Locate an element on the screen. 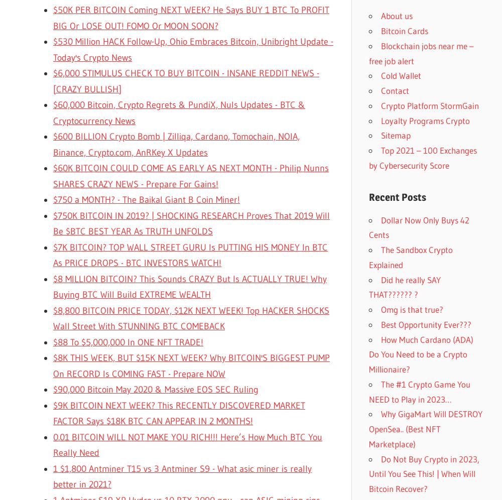  'Dollar Now Only Buys 42 Cents' is located at coordinates (419, 227).